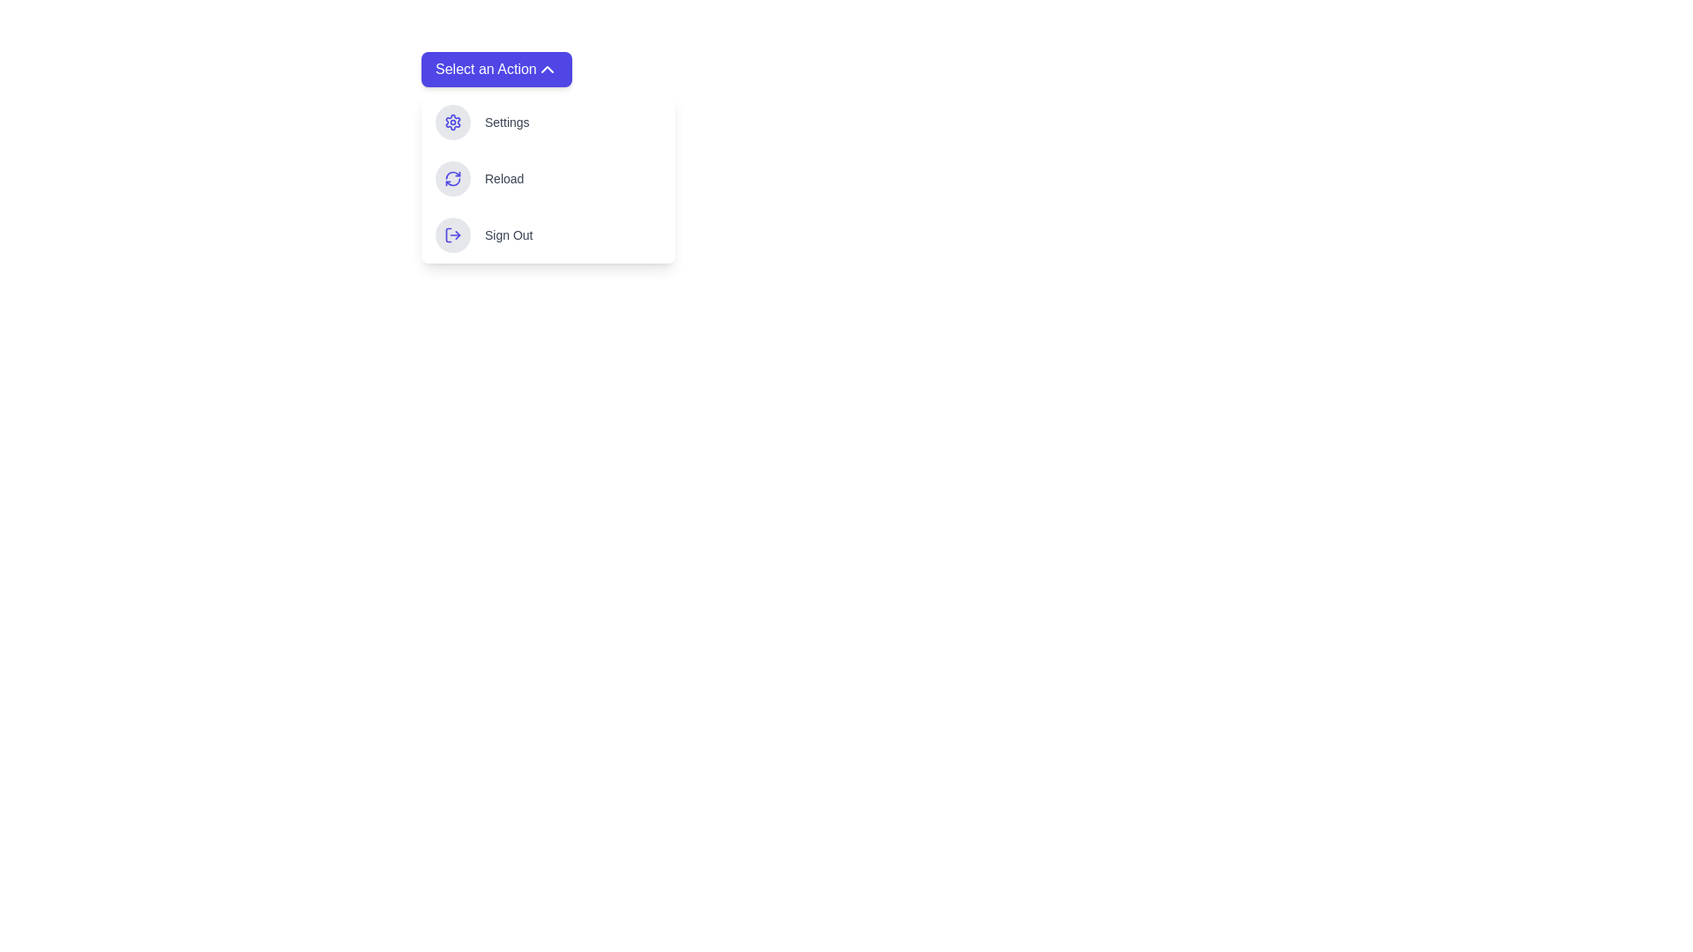 The height and width of the screenshot is (952, 1693). Describe the element at coordinates (503, 179) in the screenshot. I see `the 'Reload' text label located in the vertical list menu, which is the second item below 'Settings' and above 'Sign Out', to potentially display a tooltip or change its appearance` at that location.